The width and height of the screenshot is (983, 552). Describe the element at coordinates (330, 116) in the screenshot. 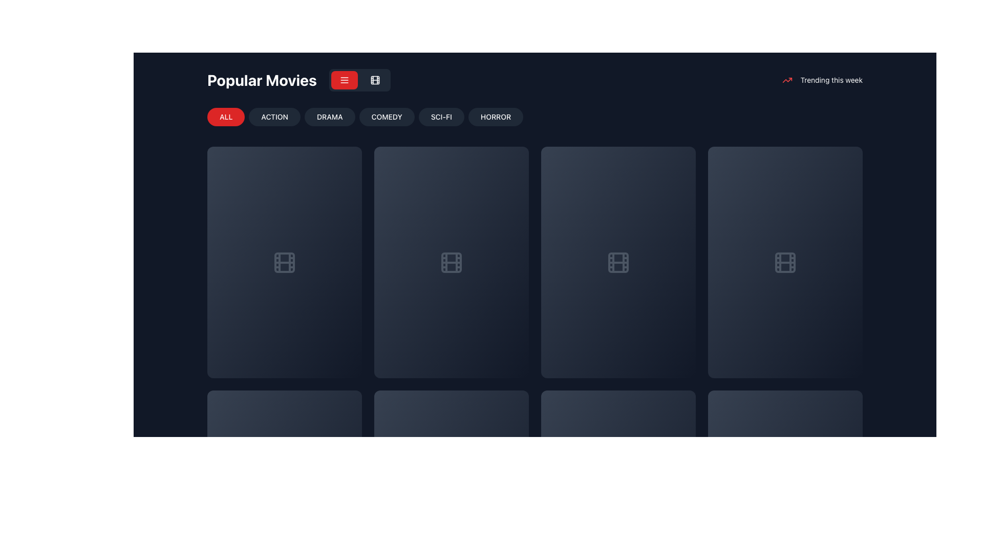

I see `the 'DRAMA' filter button located in the top-center area below the 'Popular Movies' title for keyboard navigation` at that location.